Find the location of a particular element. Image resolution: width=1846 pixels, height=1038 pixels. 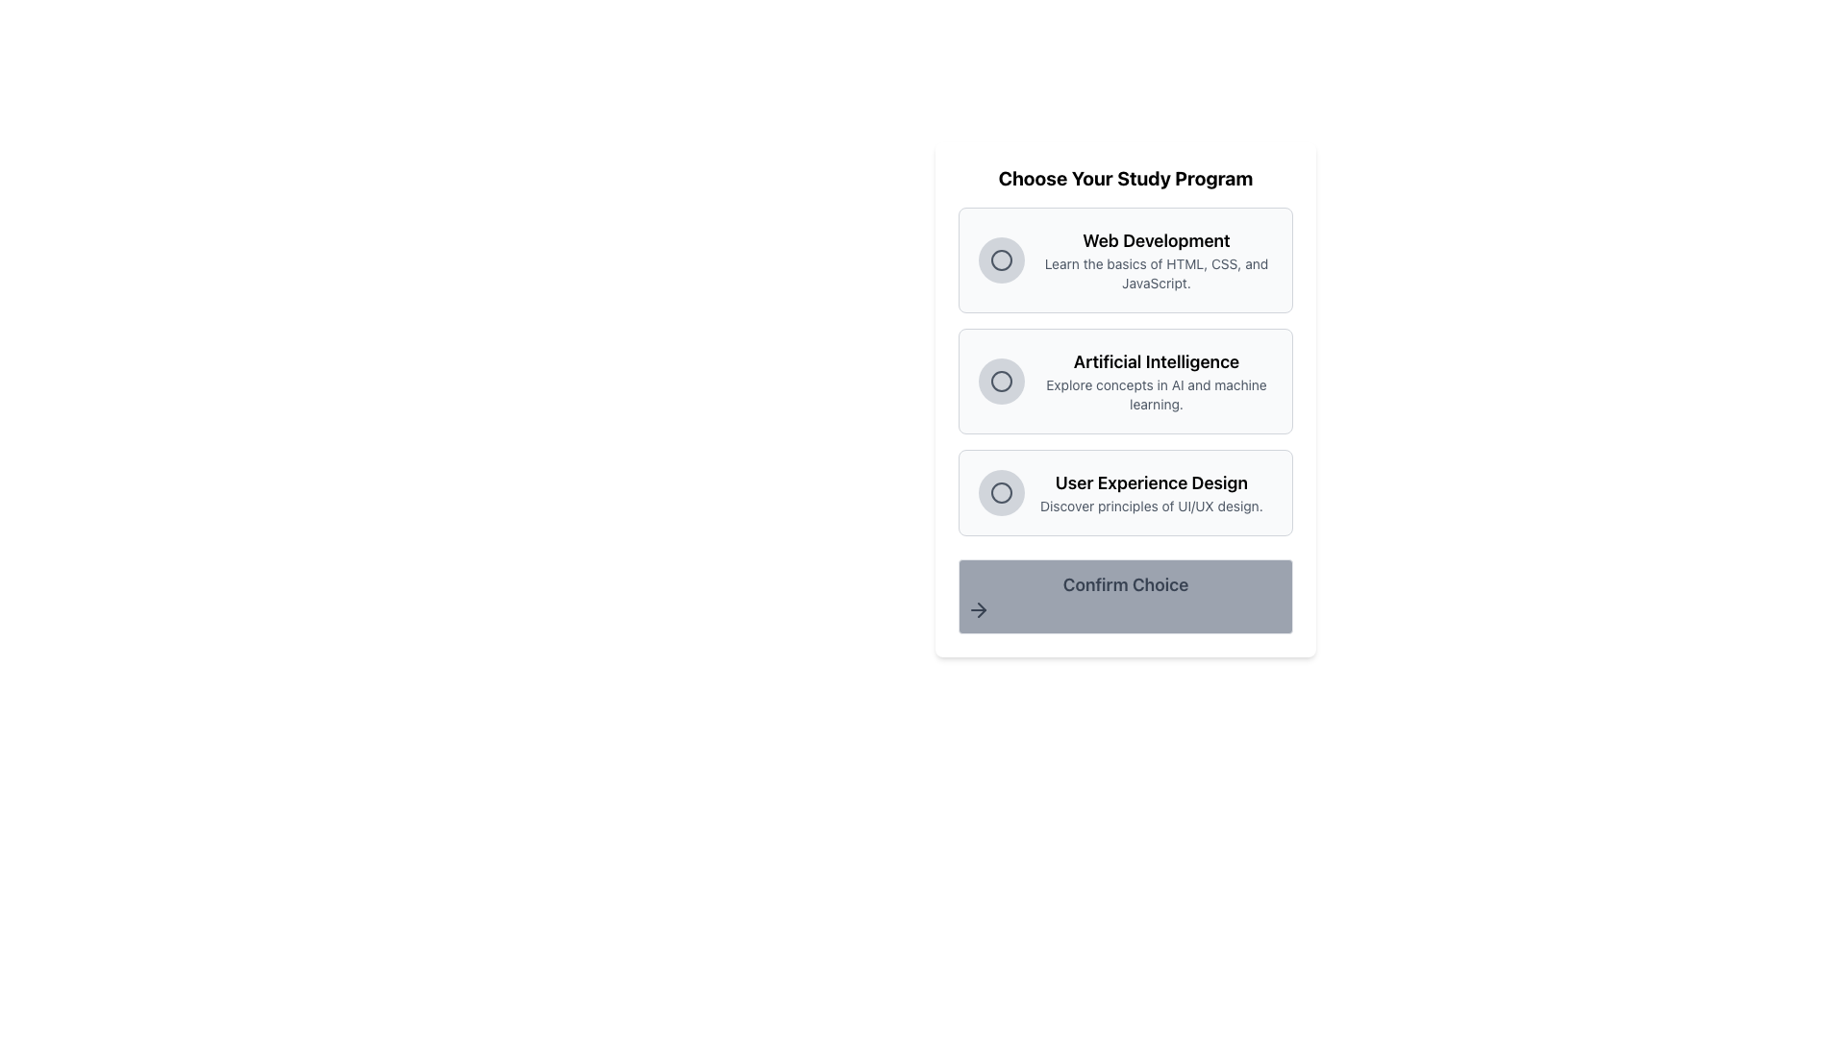

the selectable option titled 'Artificial Intelligence' in the list 'Choose Your Study Program' is located at coordinates (1126, 399).